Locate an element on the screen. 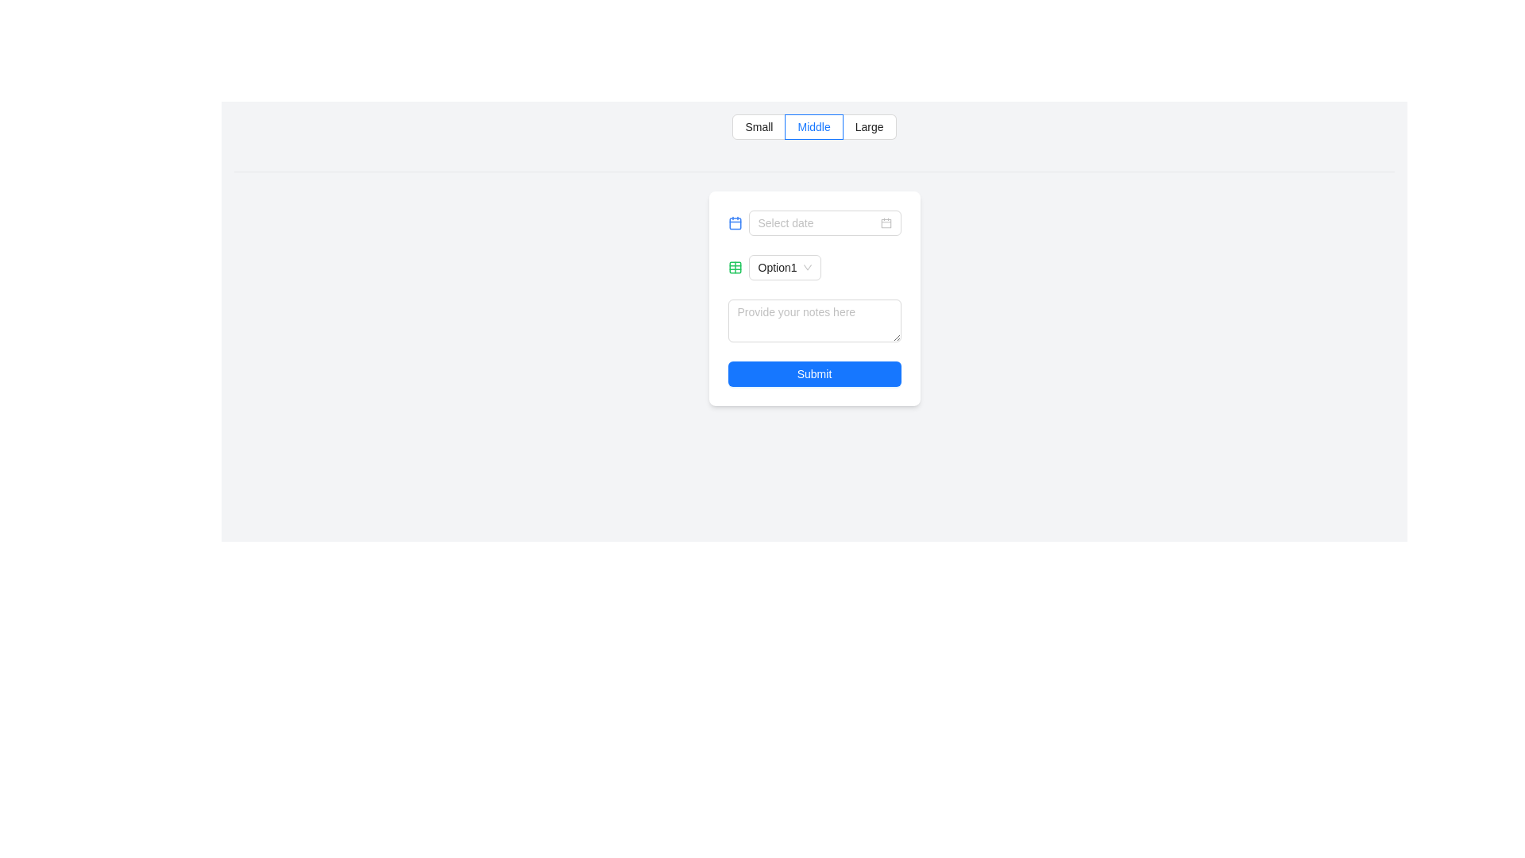 This screenshot has height=858, width=1525. the downward-facing arrow of the dropdown menu labeled 'Option1' is located at coordinates (785, 266).